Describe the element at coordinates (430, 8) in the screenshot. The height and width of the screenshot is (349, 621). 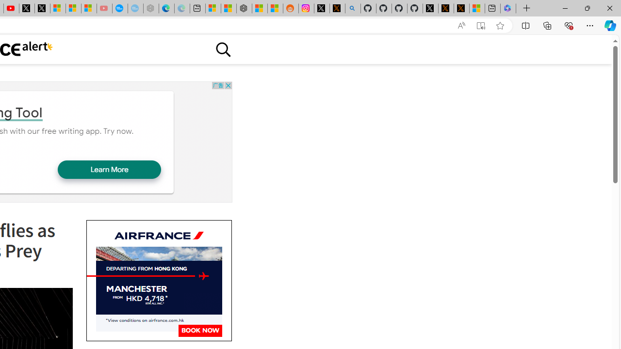
I see `'Profile / X'` at that location.